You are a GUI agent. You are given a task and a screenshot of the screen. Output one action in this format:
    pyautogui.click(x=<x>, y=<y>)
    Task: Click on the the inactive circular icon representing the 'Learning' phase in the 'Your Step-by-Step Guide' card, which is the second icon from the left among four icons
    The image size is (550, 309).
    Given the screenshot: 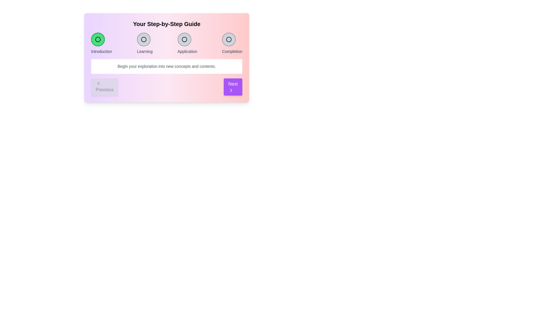 What is the action you would take?
    pyautogui.click(x=144, y=39)
    